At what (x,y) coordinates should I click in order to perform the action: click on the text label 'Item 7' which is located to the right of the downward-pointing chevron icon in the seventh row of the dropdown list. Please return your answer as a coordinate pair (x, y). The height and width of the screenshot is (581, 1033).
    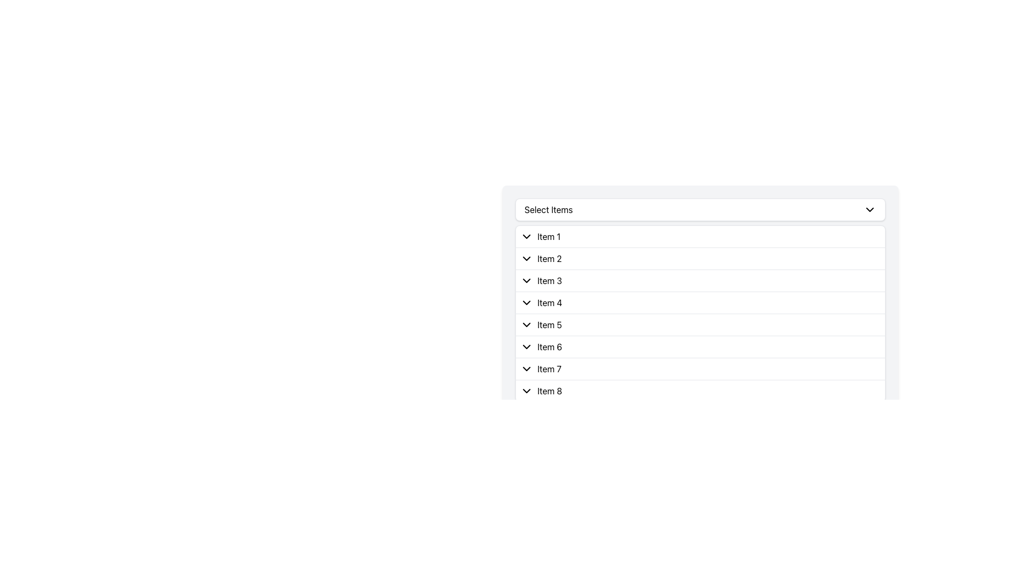
    Looking at the image, I should click on (549, 369).